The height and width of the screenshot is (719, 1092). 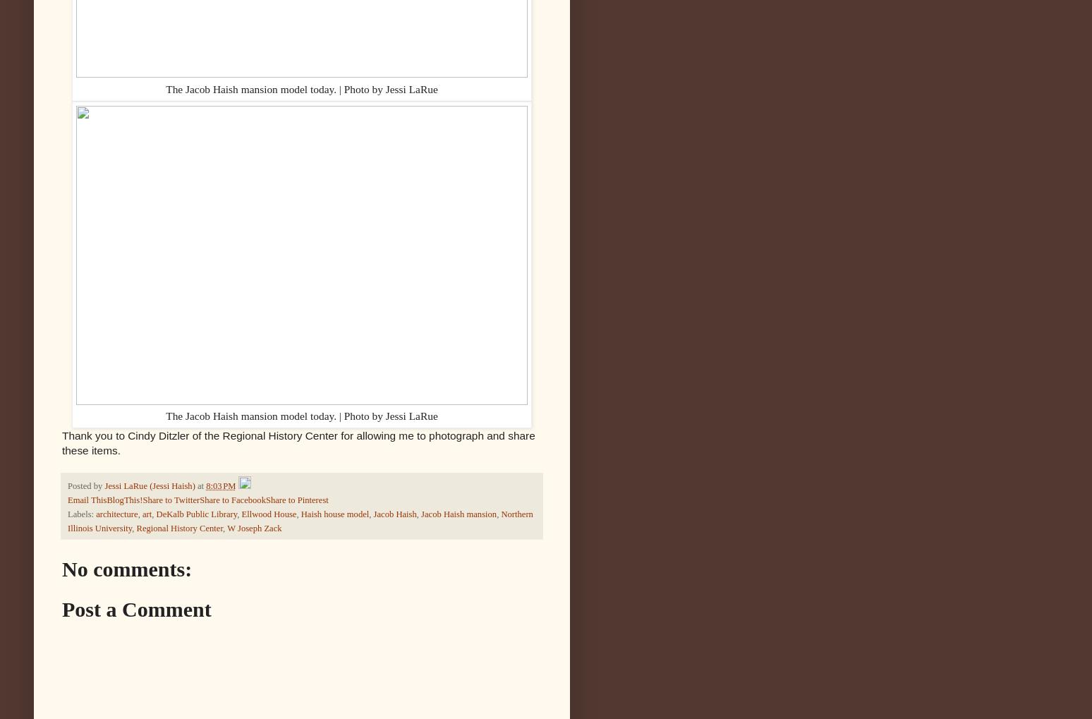 I want to click on 'DeKalb Public Library', so click(x=195, y=514).